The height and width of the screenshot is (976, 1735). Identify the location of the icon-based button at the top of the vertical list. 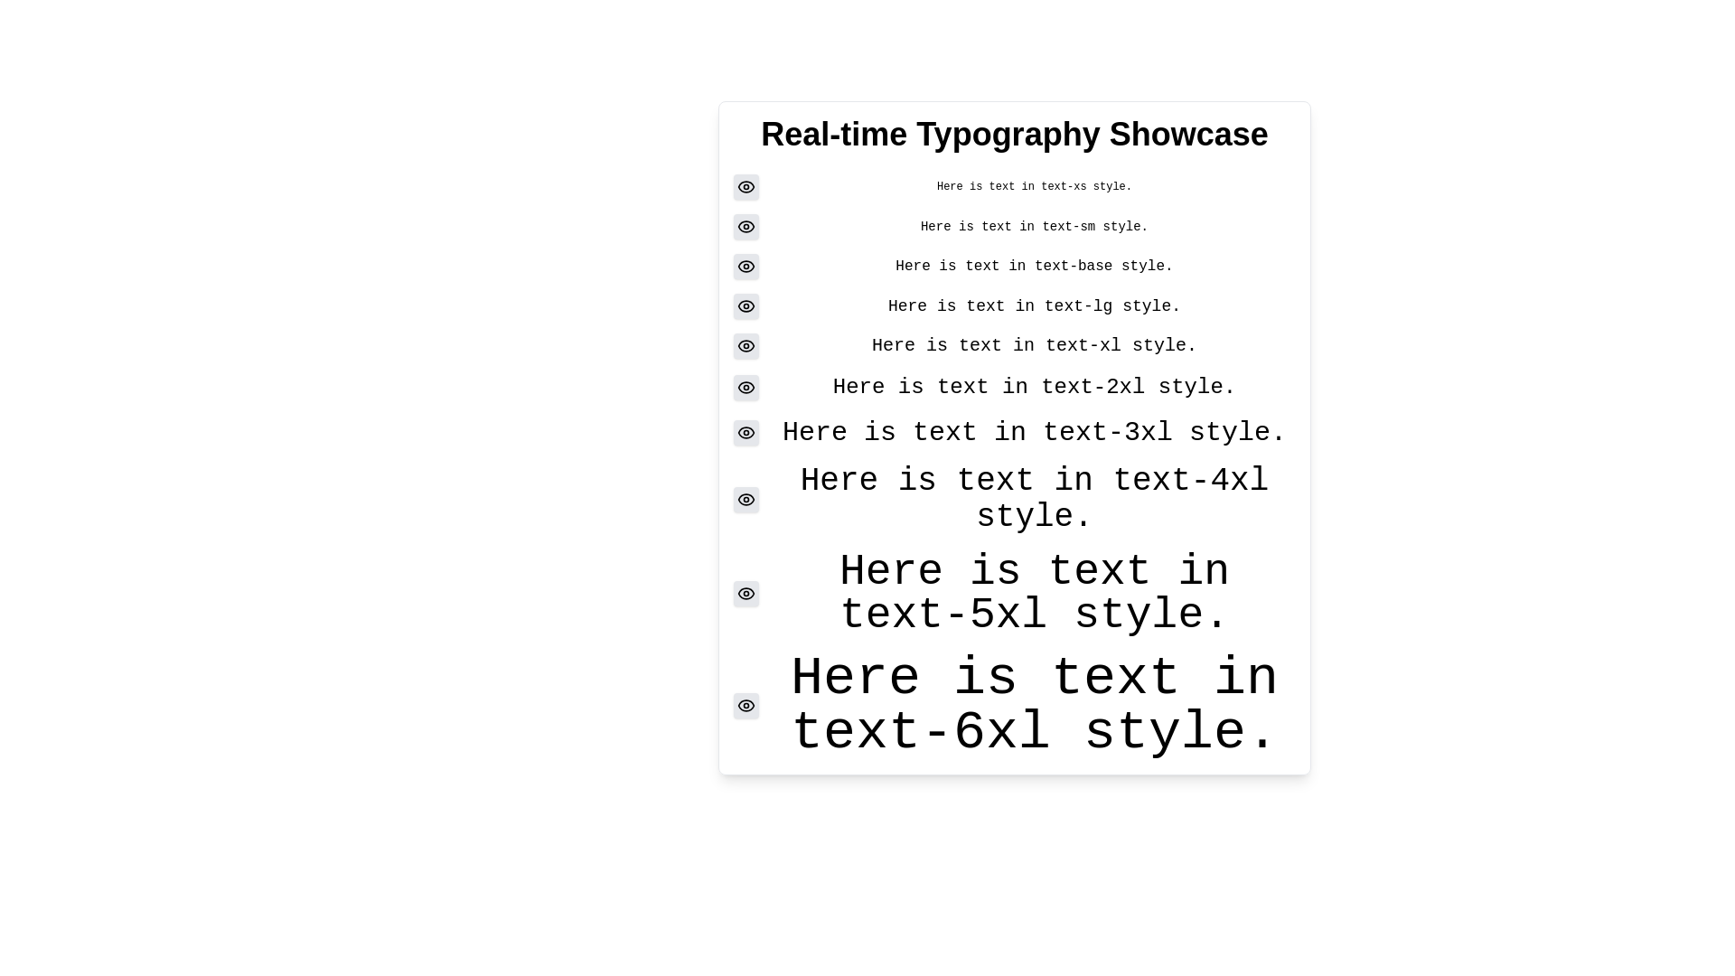
(746, 187).